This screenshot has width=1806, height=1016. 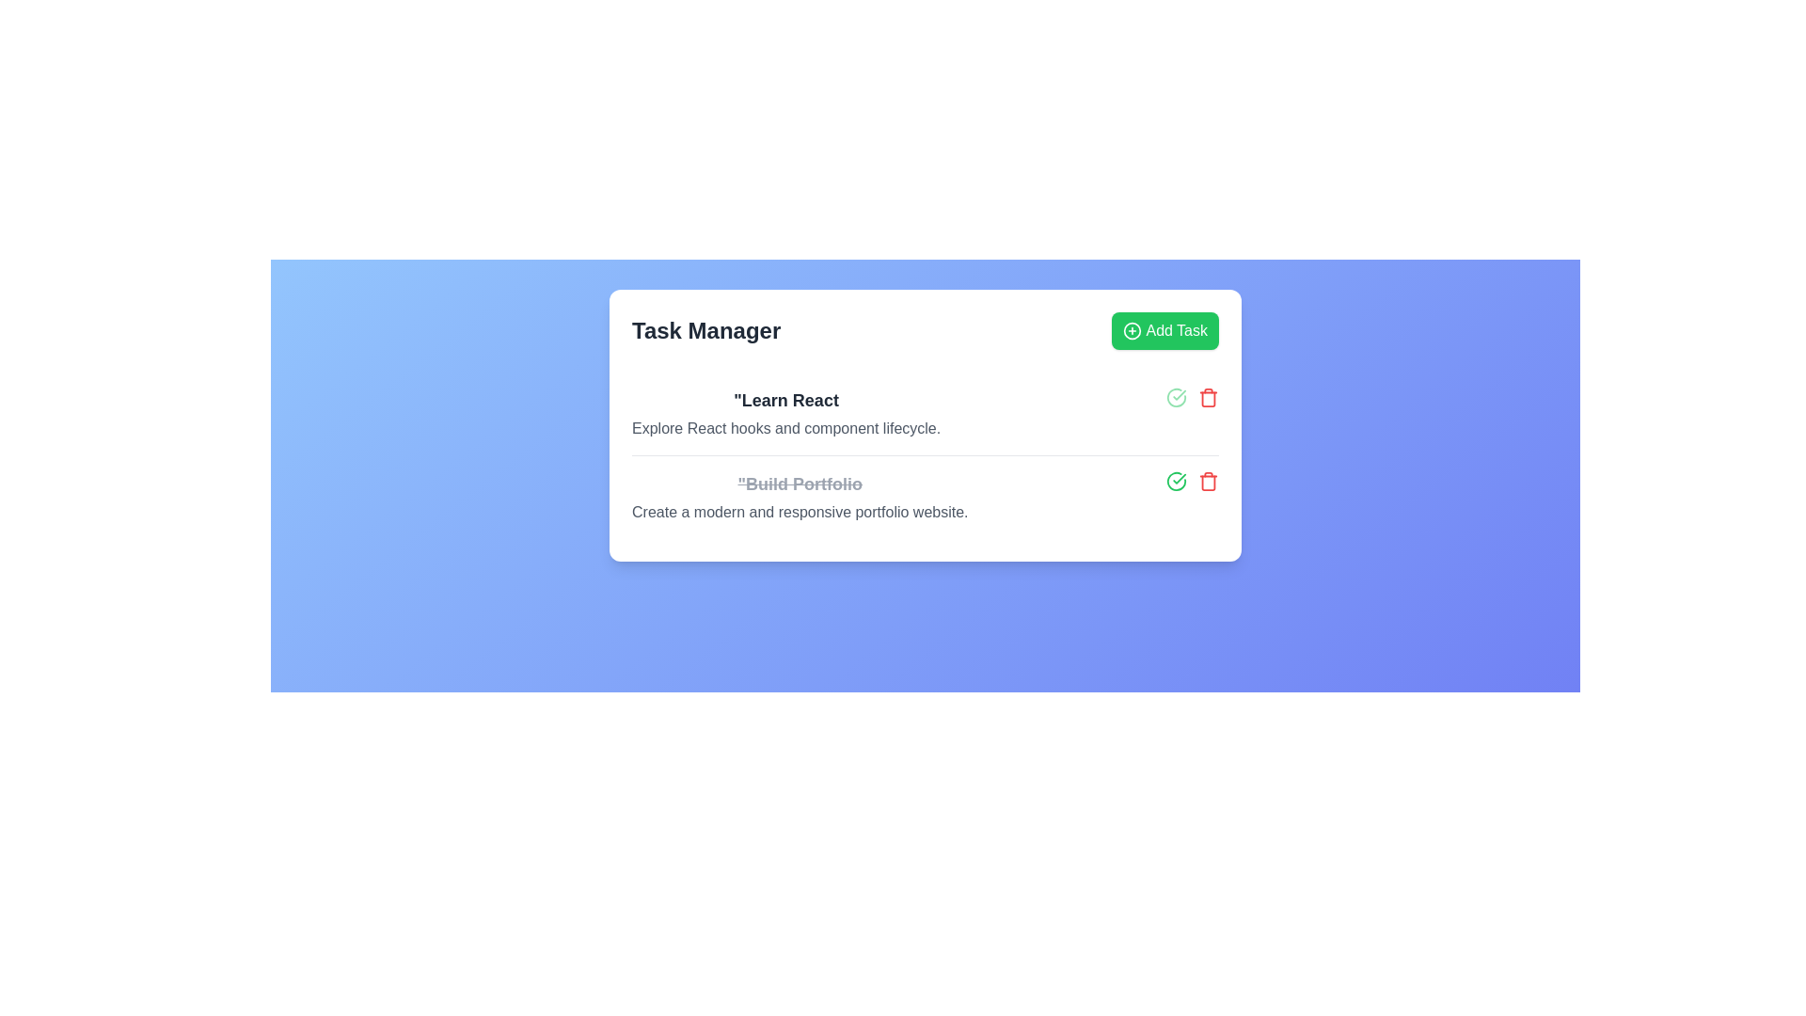 I want to click on the Task completion indicator (interactive element resembling a checkmark) located to the right of the 'Build Portfolio' task, so click(x=1179, y=394).